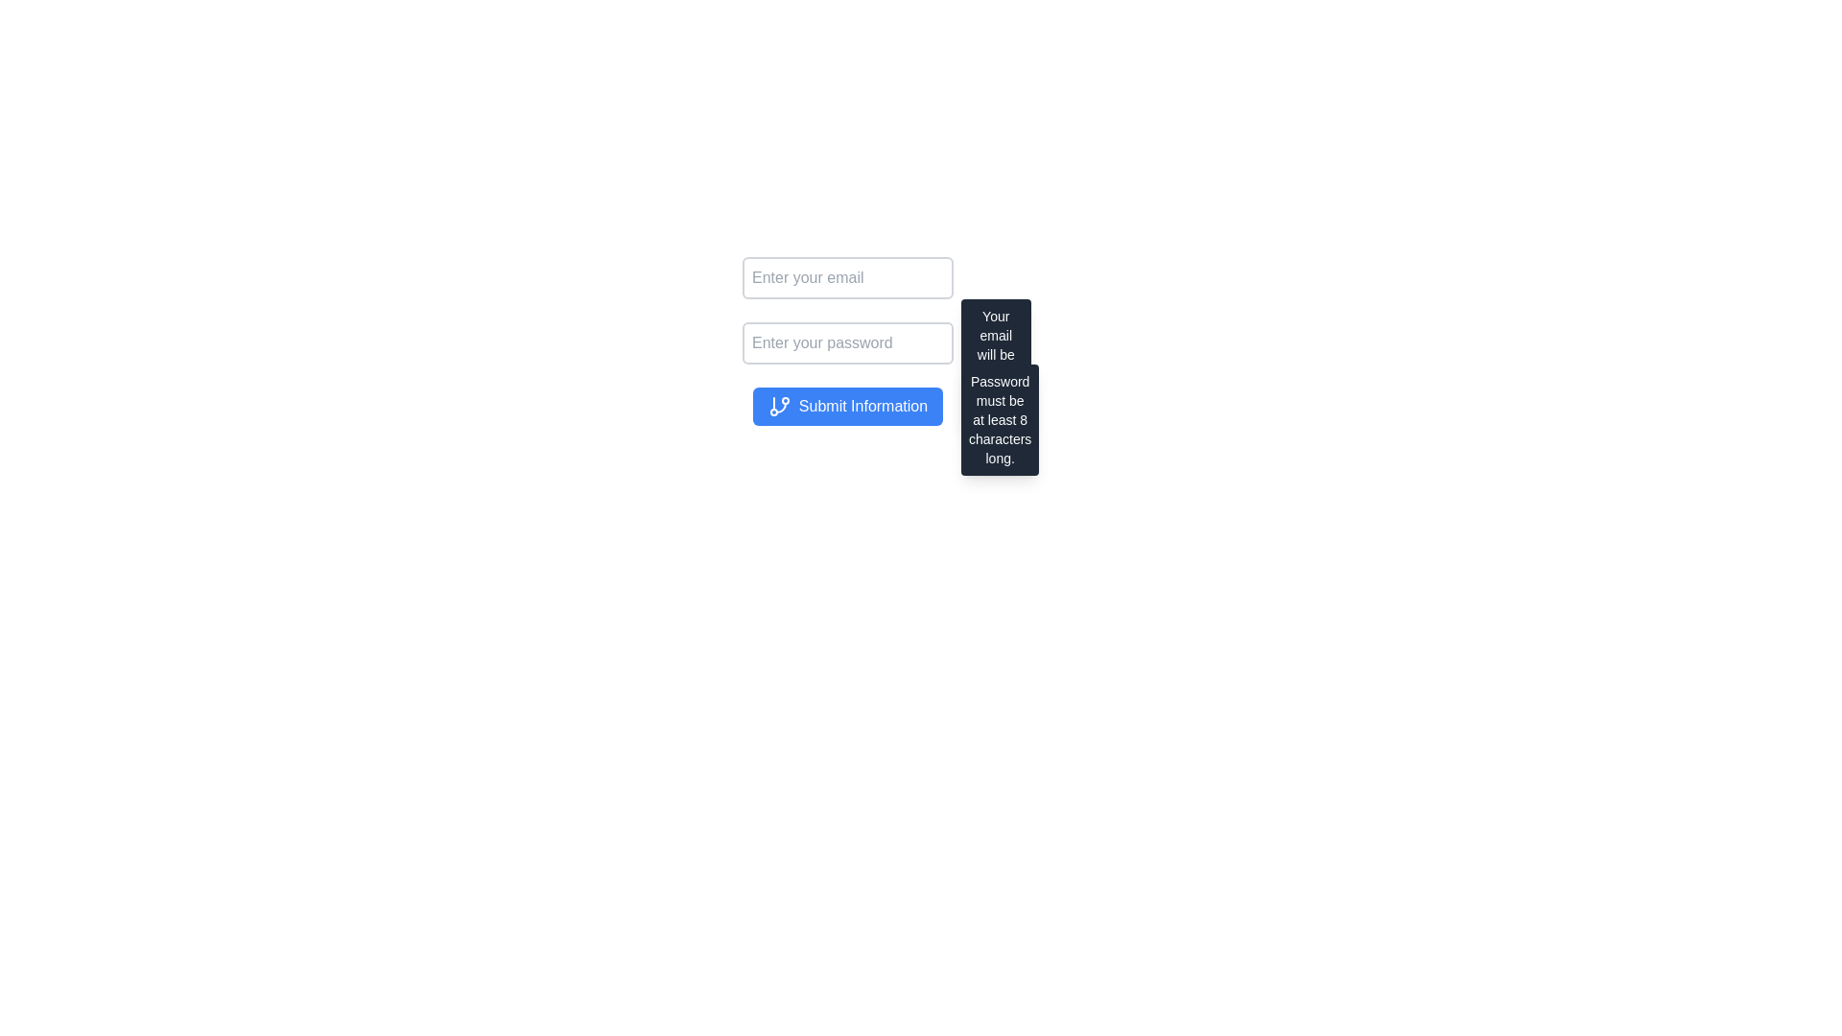 The width and height of the screenshot is (1842, 1036). I want to click on the SVG icon representing a Git branch located within the 'Submit Information' button on the left side of the label text, so click(779, 406).